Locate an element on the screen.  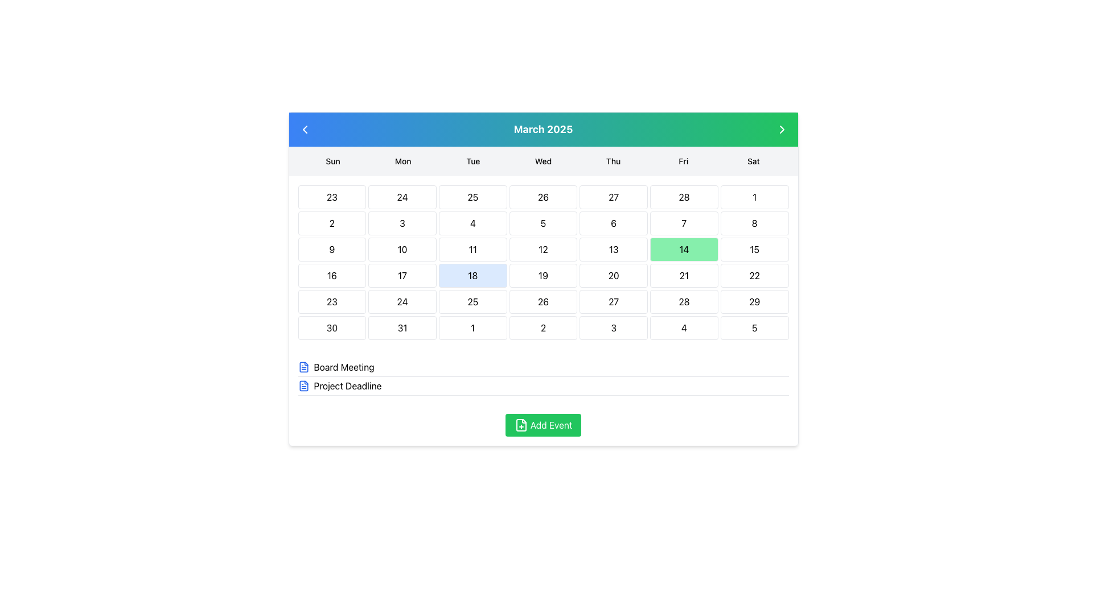
the interactive calendar cell representing the 21st day of the month is located at coordinates (683, 276).